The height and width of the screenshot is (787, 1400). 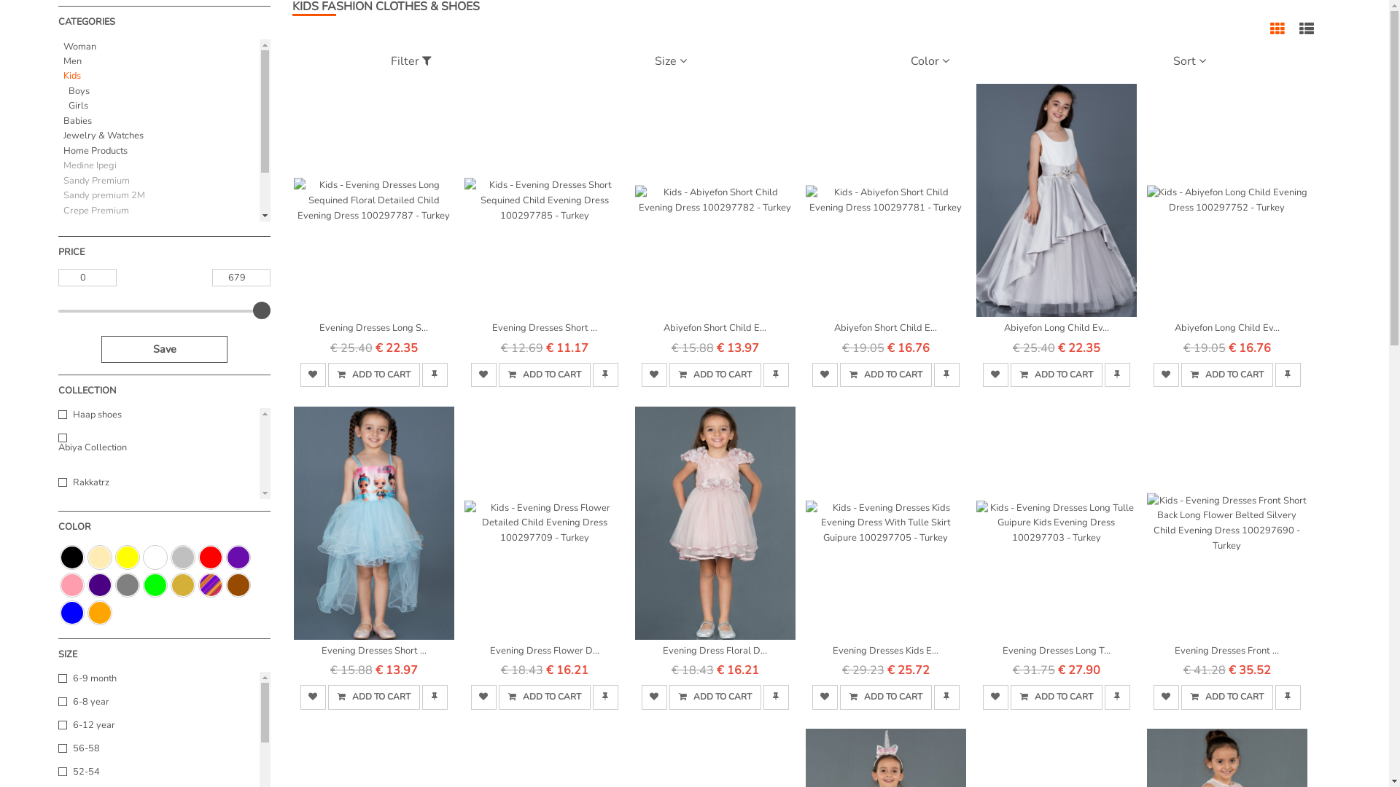 What do you see at coordinates (155, 584) in the screenshot?
I see `'Green'` at bounding box center [155, 584].